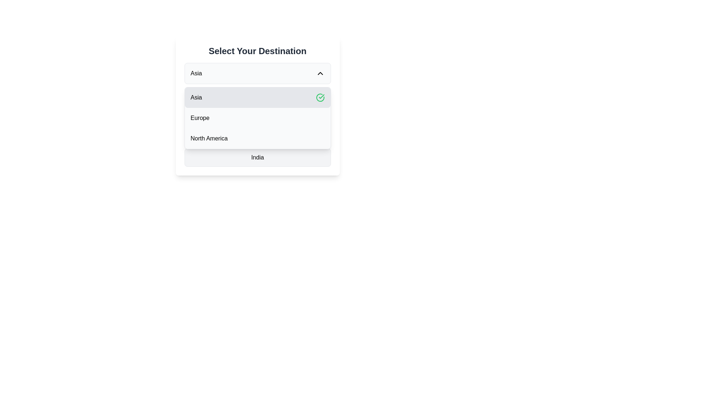 This screenshot has height=395, width=703. I want to click on the 'Asia' dropdown menu item for keyboard navigation, so click(257, 97).